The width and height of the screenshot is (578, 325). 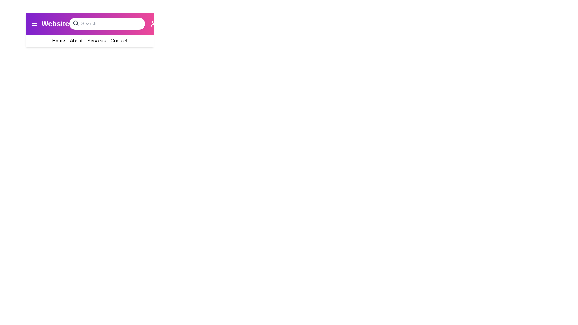 What do you see at coordinates (34, 23) in the screenshot?
I see `the menu icon to toggle the menu visibility` at bounding box center [34, 23].